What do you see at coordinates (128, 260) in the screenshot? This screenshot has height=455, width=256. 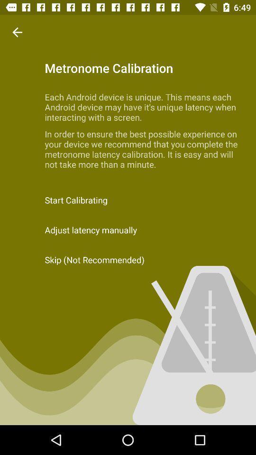 I see `the item below the adjust latency manually` at bounding box center [128, 260].